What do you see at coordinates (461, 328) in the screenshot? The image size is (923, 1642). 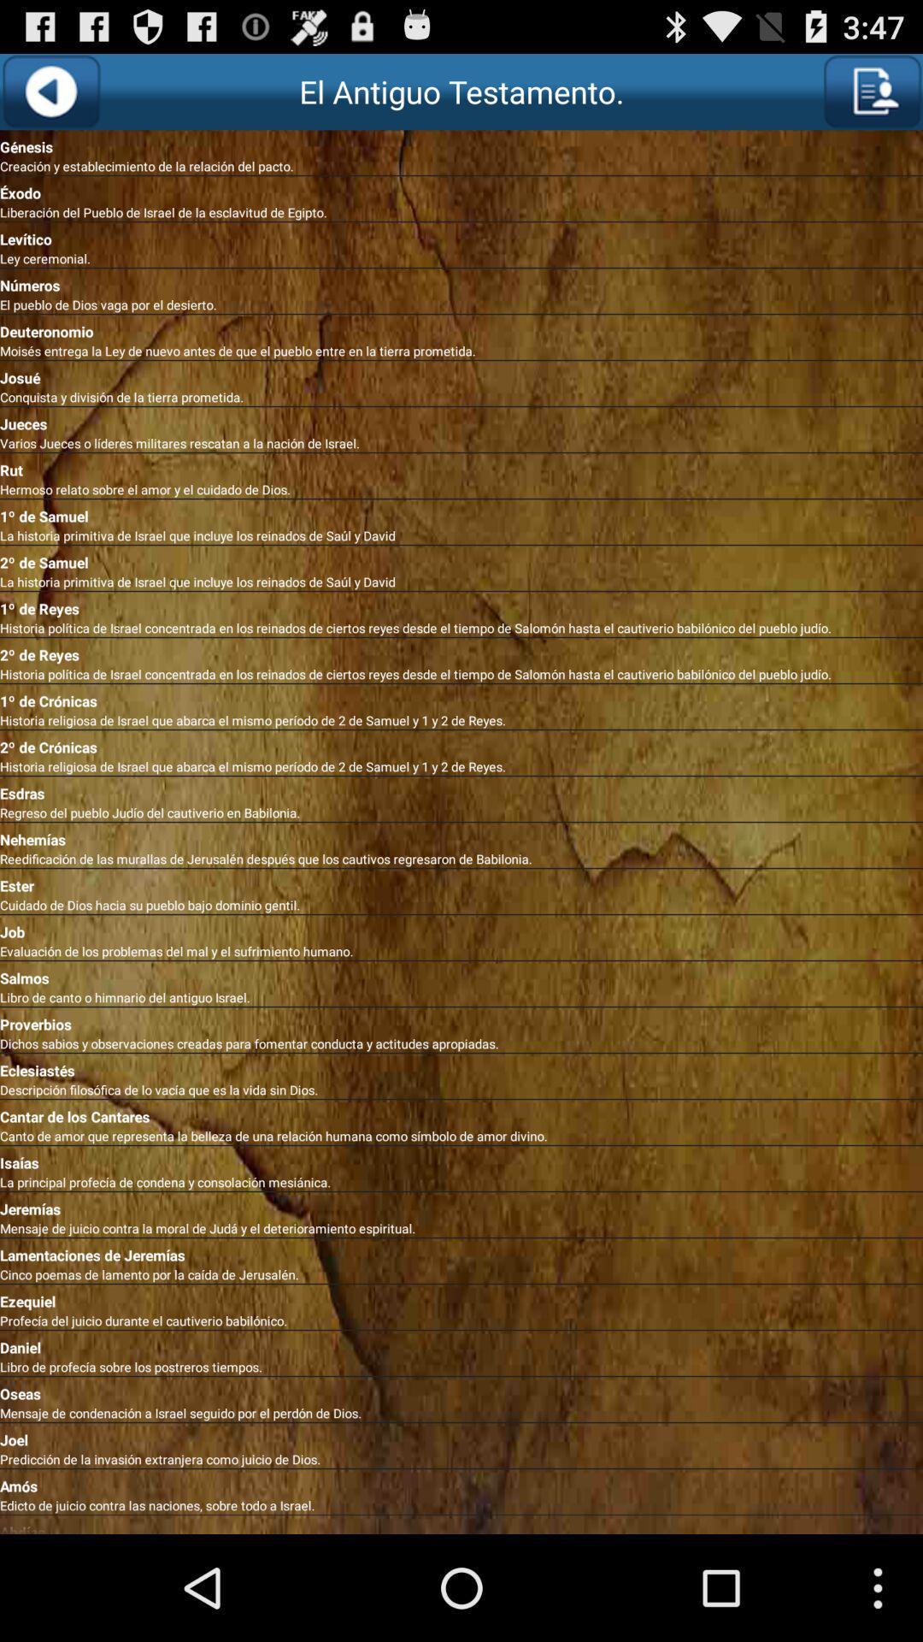 I see `the deuteronomio app` at bounding box center [461, 328].